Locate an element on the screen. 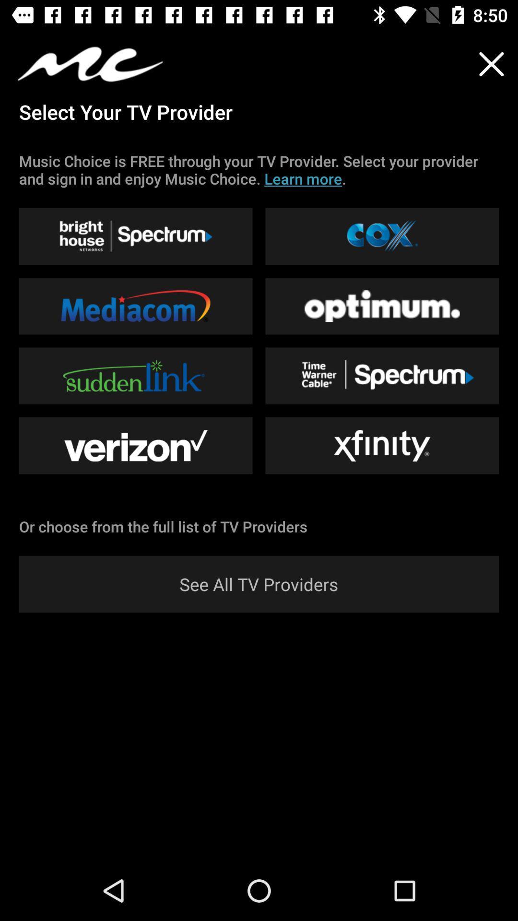 The height and width of the screenshot is (921, 518). the button which is left side of the xfinity is located at coordinates (136, 445).